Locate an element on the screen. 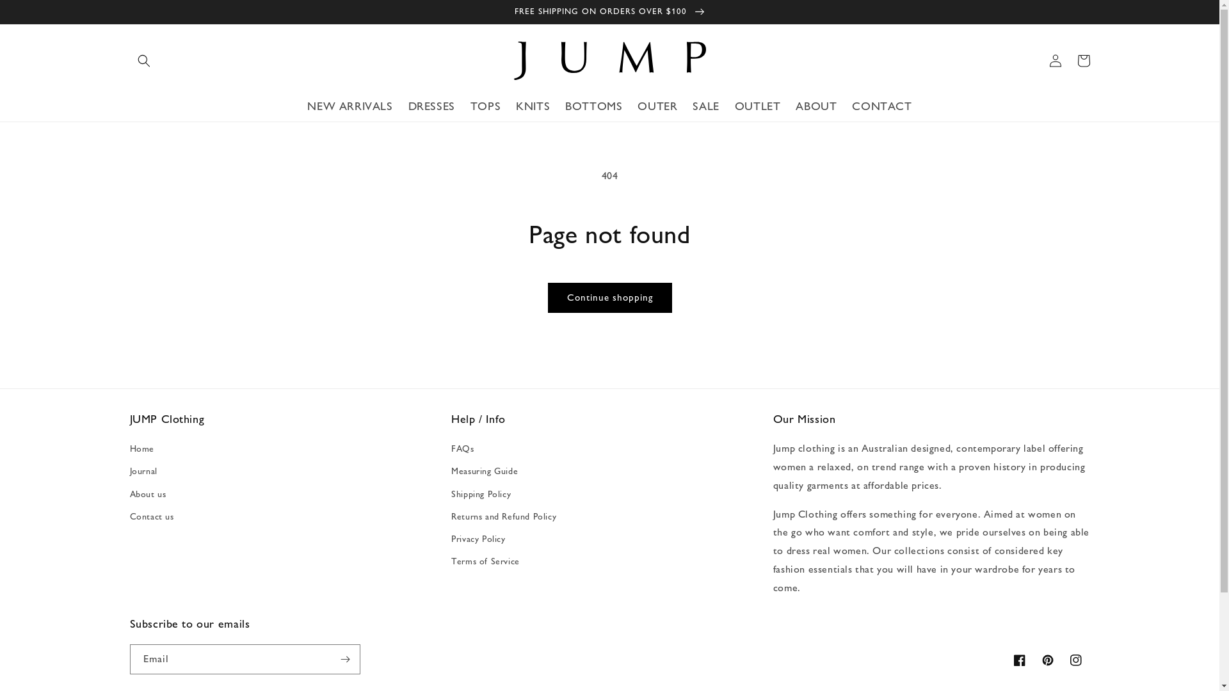 The width and height of the screenshot is (1229, 691). 'Home' is located at coordinates (141, 450).